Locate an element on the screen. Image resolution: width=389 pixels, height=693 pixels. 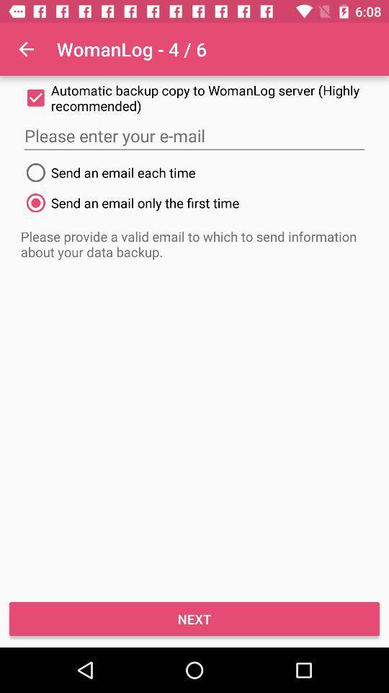
automatic backup copy is located at coordinates (194, 97).